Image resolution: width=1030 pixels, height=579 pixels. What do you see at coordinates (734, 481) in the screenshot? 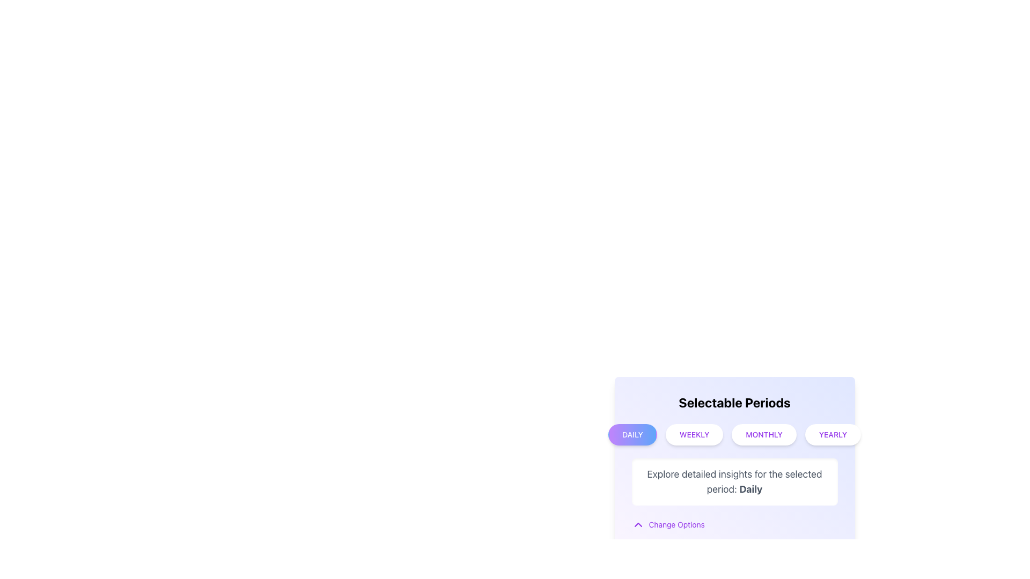
I see `static text that says 'Explore detailed insights for the selected period: Daily', which is styled in gray and located beneath the period selection buttons in the 'Selectable Periods' card` at bounding box center [734, 481].